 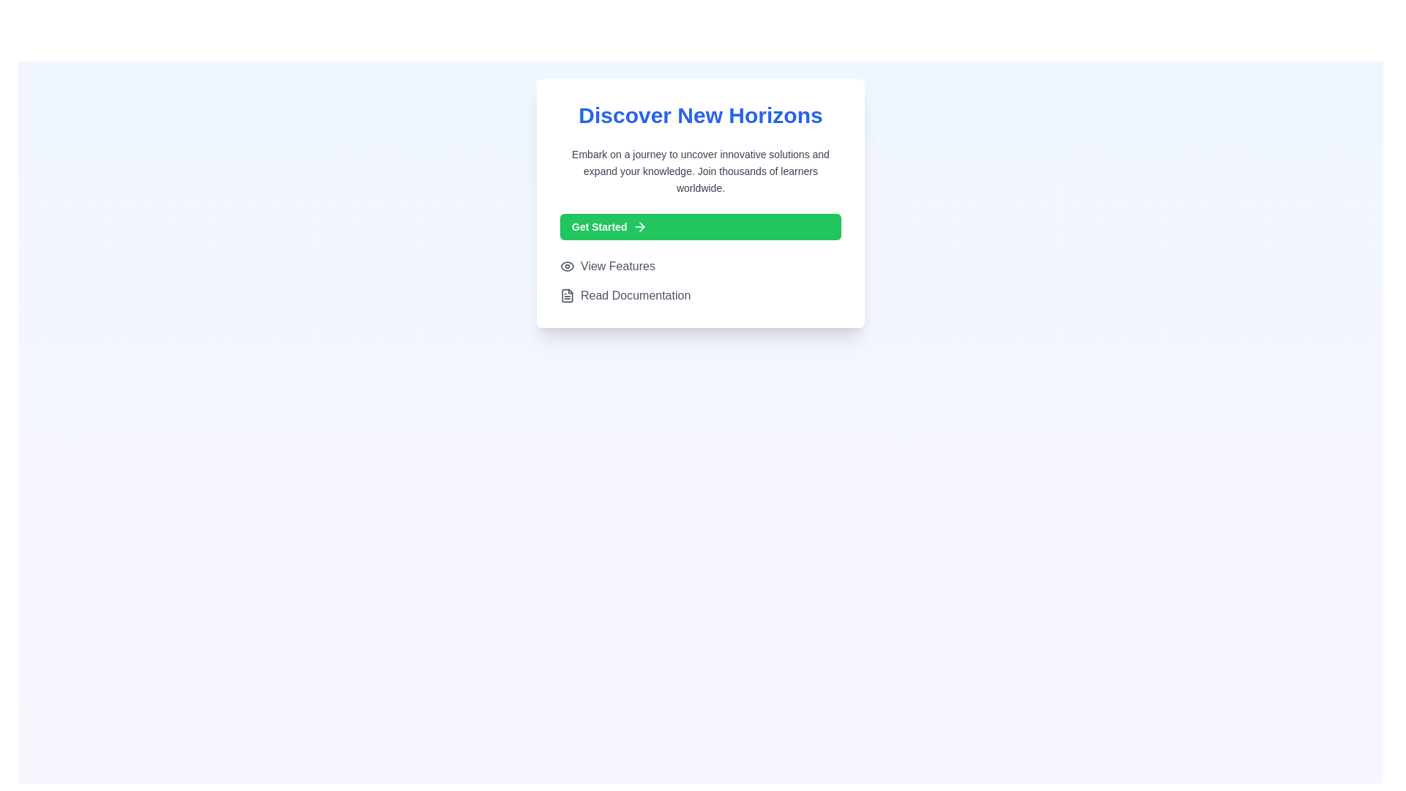 I want to click on the 'Read Documentation' text link, which is styled in grey and appears to the right of a document icon, located below the 'View Features' text, so click(x=636, y=296).